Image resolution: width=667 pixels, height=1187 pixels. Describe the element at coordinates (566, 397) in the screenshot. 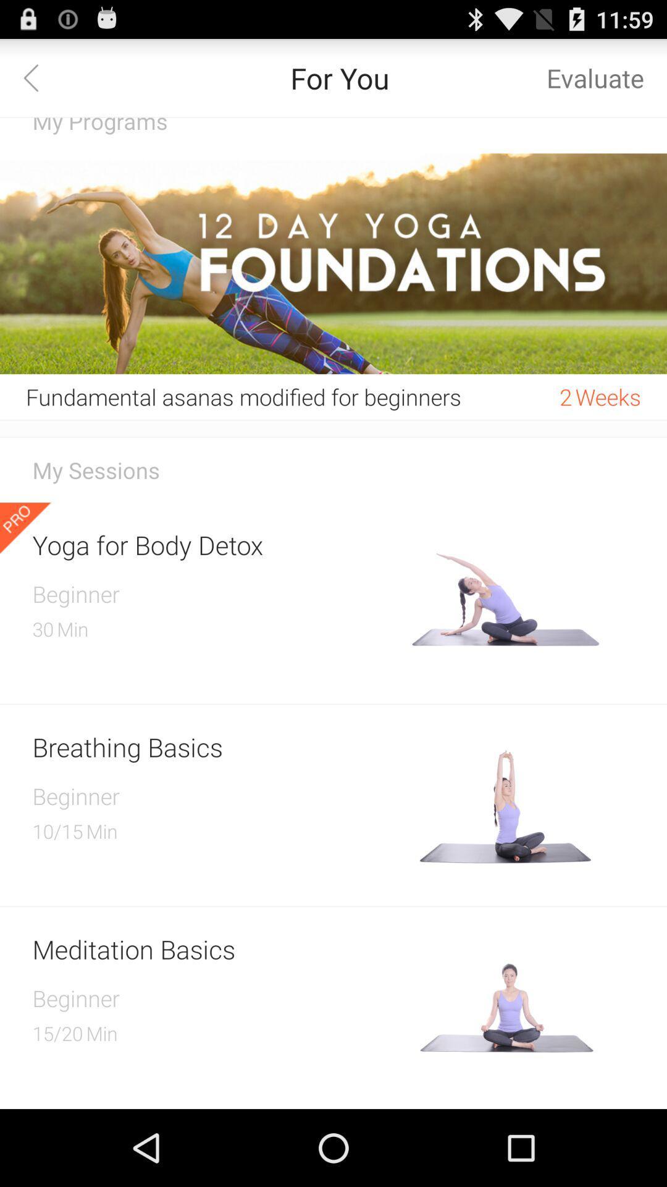

I see `the icon to the left of the weeks` at that location.